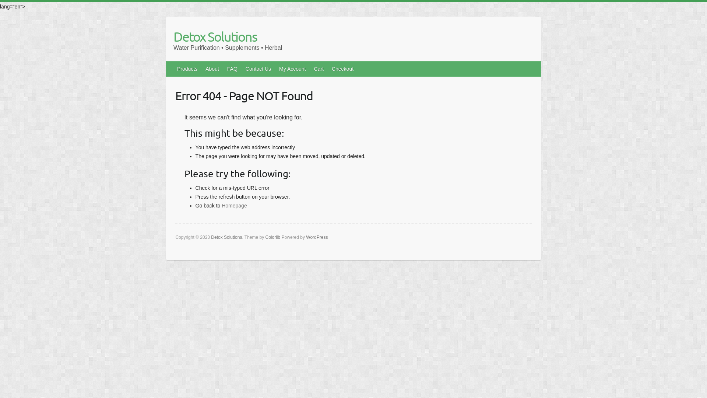  Describe the element at coordinates (212, 69) in the screenshot. I see `'About'` at that location.